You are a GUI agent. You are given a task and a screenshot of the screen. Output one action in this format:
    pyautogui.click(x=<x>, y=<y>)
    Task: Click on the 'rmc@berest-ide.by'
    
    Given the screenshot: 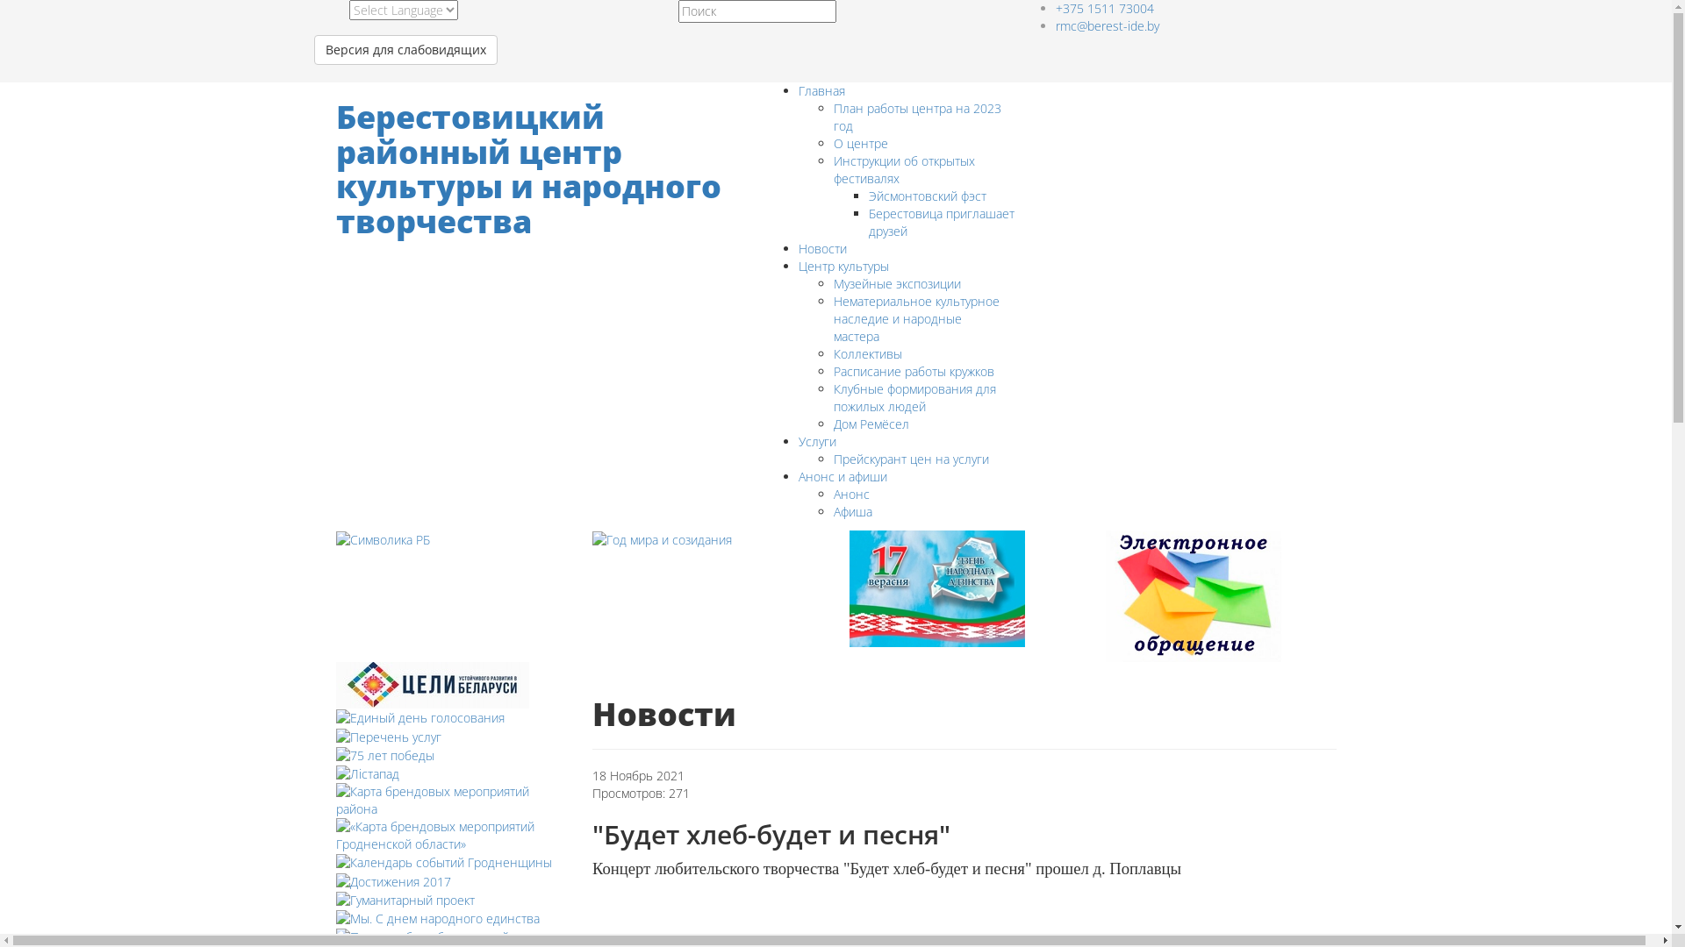 What is the action you would take?
    pyautogui.click(x=1106, y=25)
    